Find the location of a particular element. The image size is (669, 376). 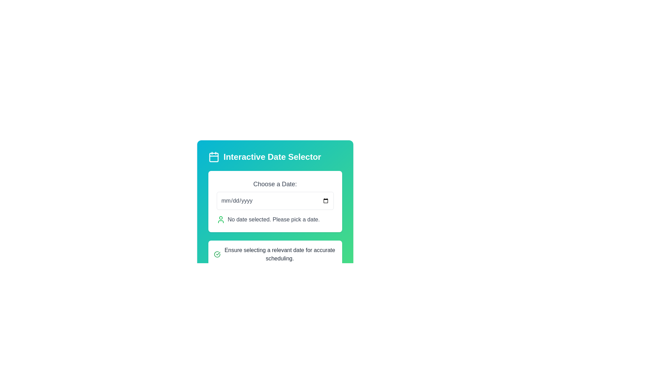

the Date input field located in the 'Interactive Date Selector' modal, below the 'Choose a Date:' text, for manual date entry is located at coordinates (275, 197).